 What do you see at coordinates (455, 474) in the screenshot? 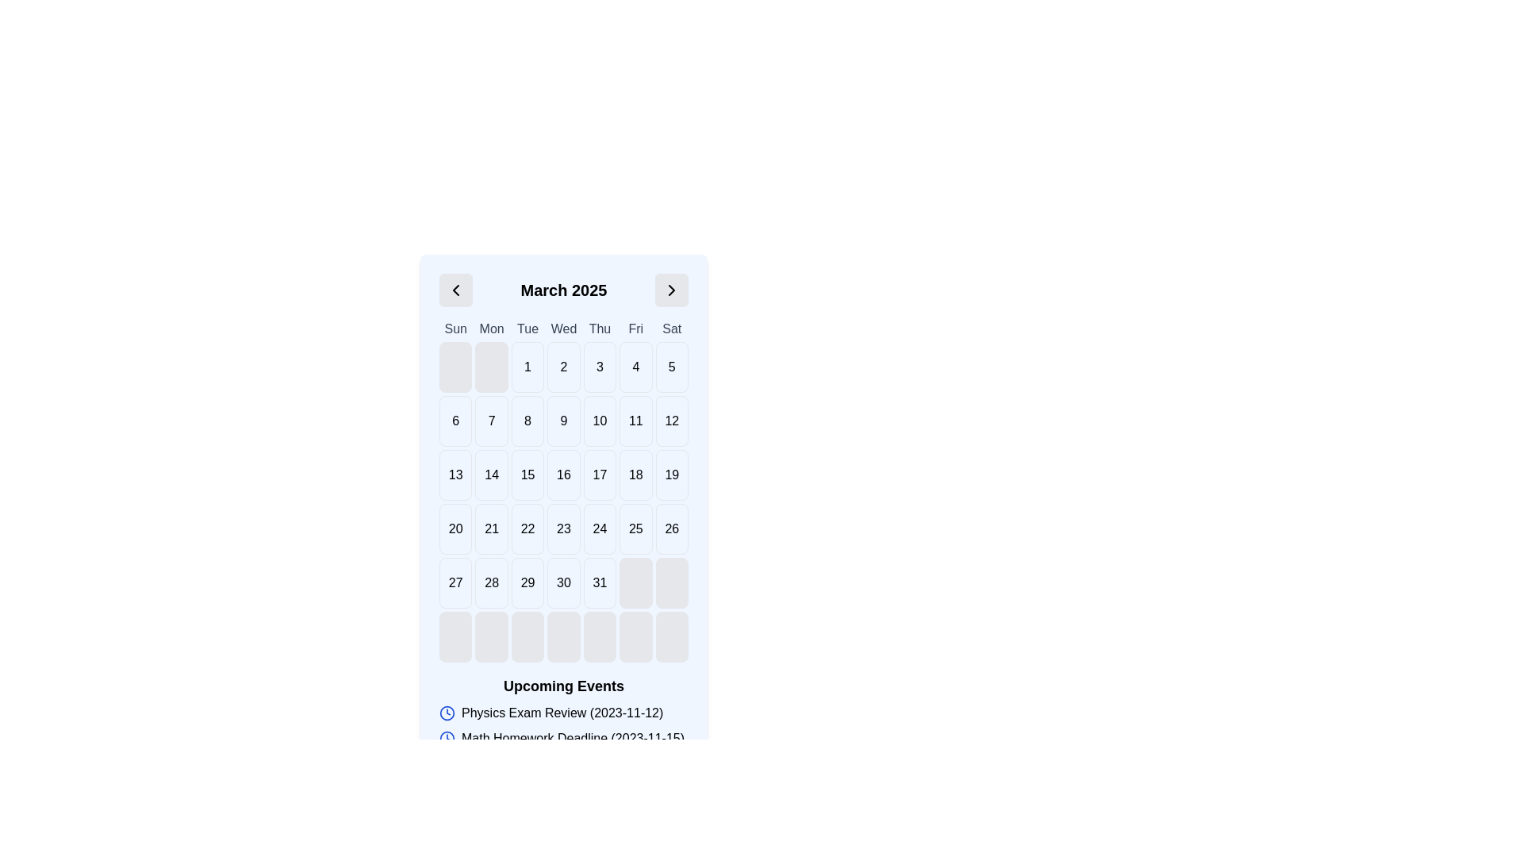
I see `the grid cell representing the date 13th of March 2025` at bounding box center [455, 474].